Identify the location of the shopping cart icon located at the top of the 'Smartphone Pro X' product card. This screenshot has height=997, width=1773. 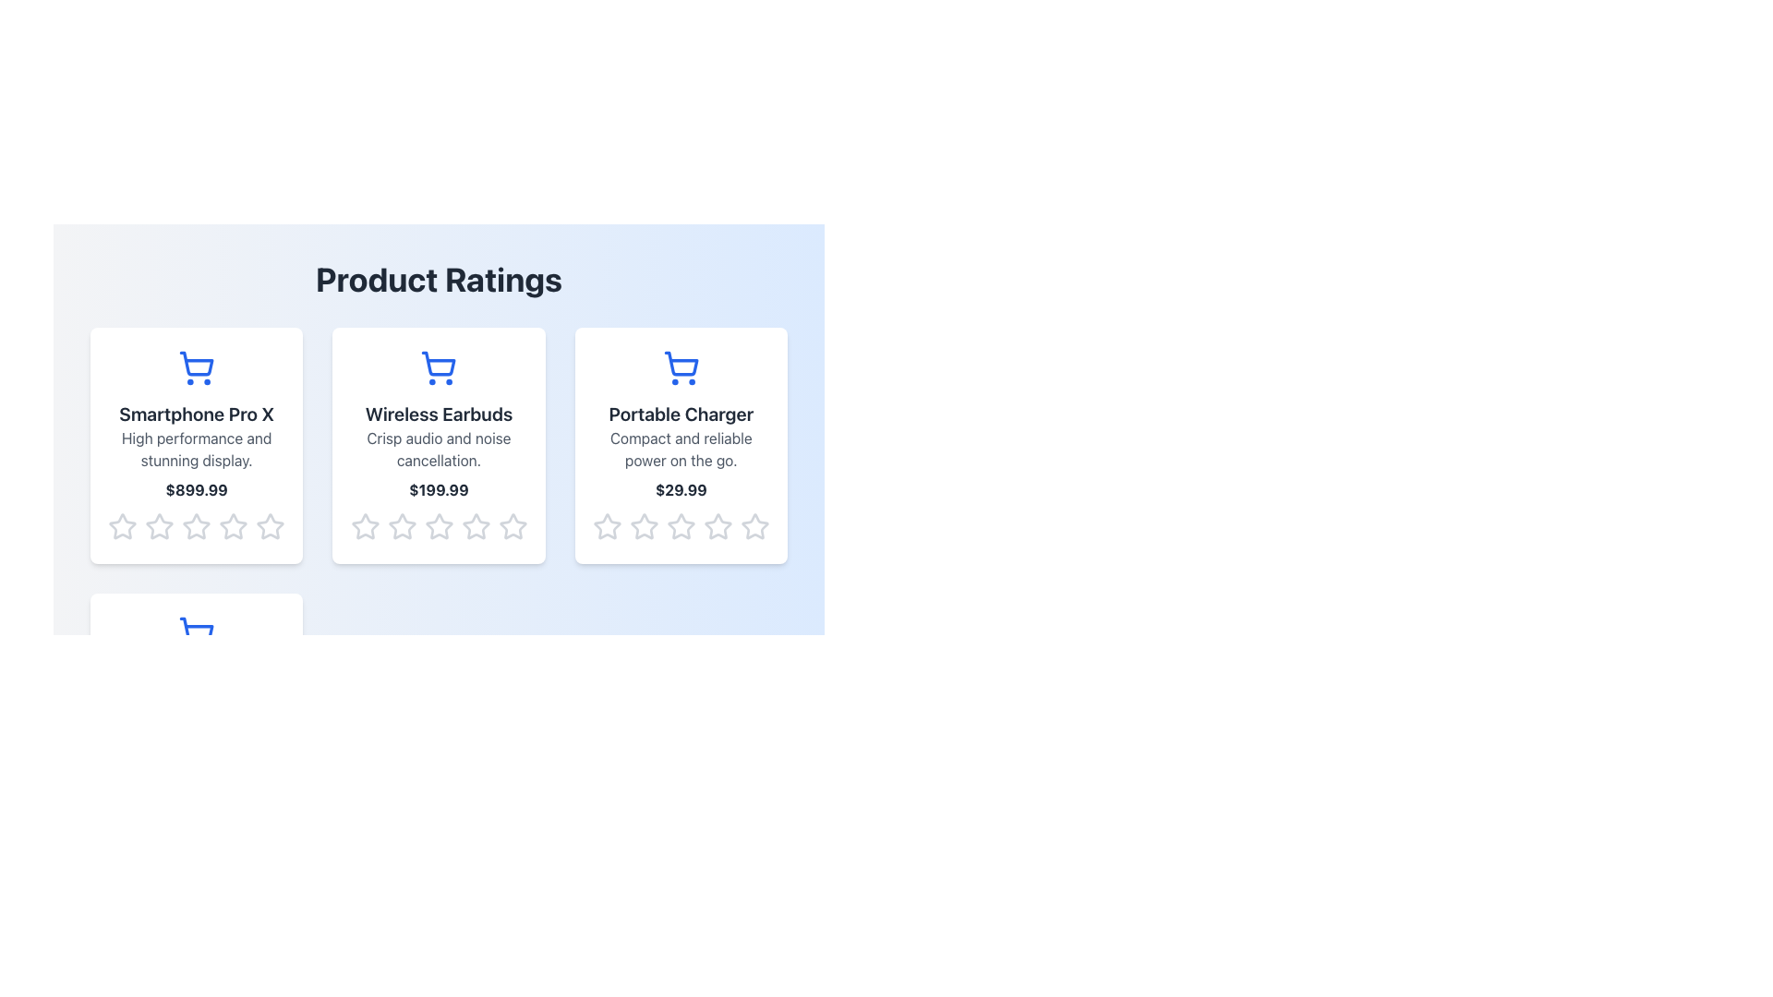
(197, 367).